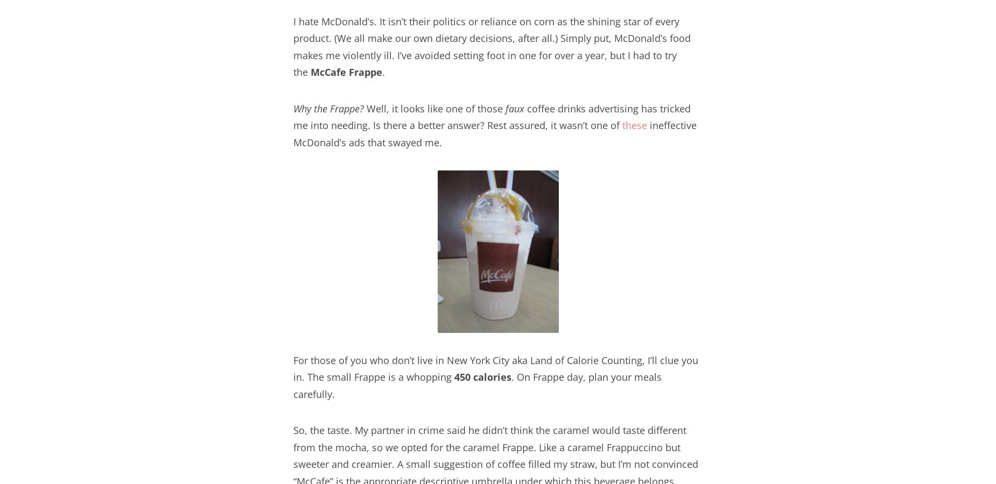 The image size is (996, 484). What do you see at coordinates (293, 385) in the screenshot?
I see `'. On Frappe day, plan your meals carefully.'` at bounding box center [293, 385].